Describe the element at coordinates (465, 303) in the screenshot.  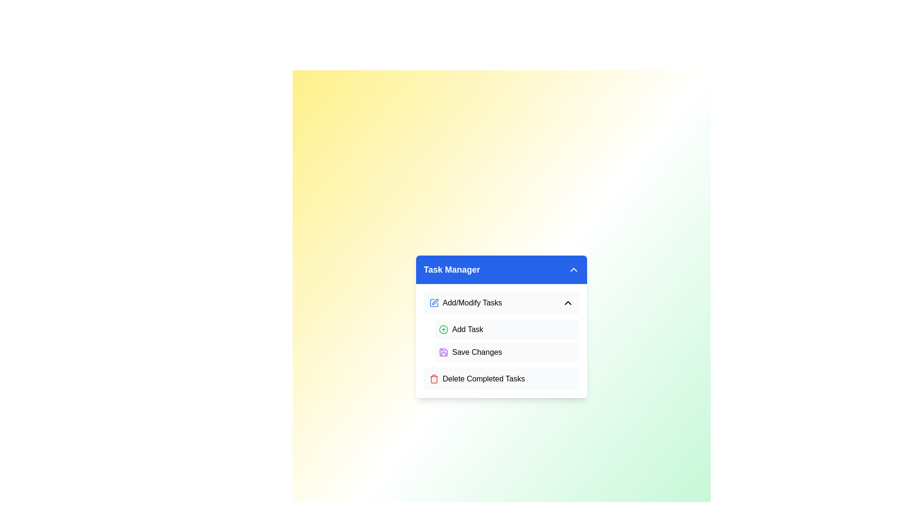
I see `the 'Add/Modify Tasks' label with a pencil icon located under the 'Task Manager' section` at that location.